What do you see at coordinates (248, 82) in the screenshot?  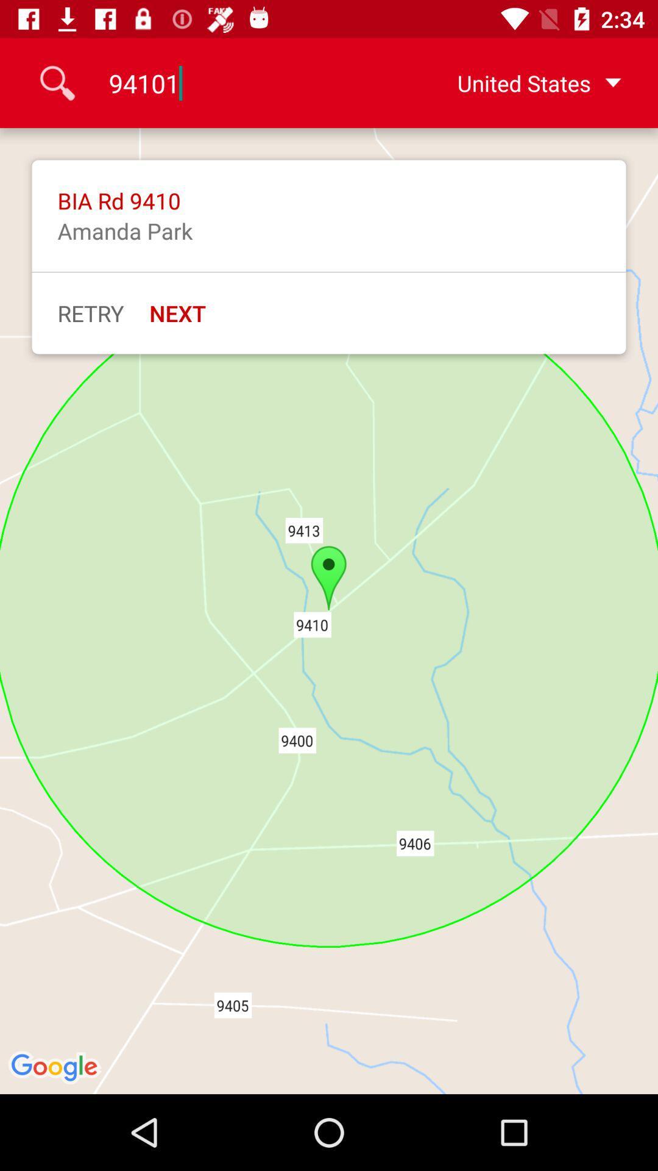 I see `item next to united states` at bounding box center [248, 82].